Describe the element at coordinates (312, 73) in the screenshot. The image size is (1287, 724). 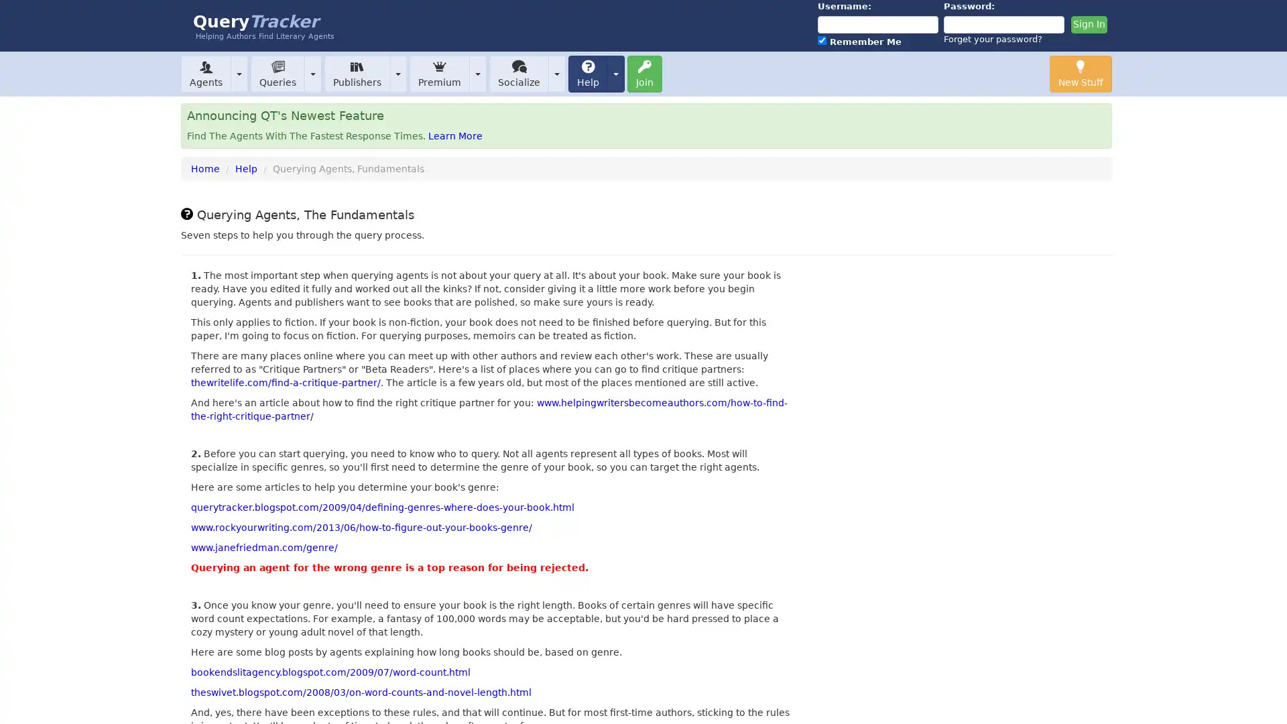
I see `Toggle Dropdown` at that location.